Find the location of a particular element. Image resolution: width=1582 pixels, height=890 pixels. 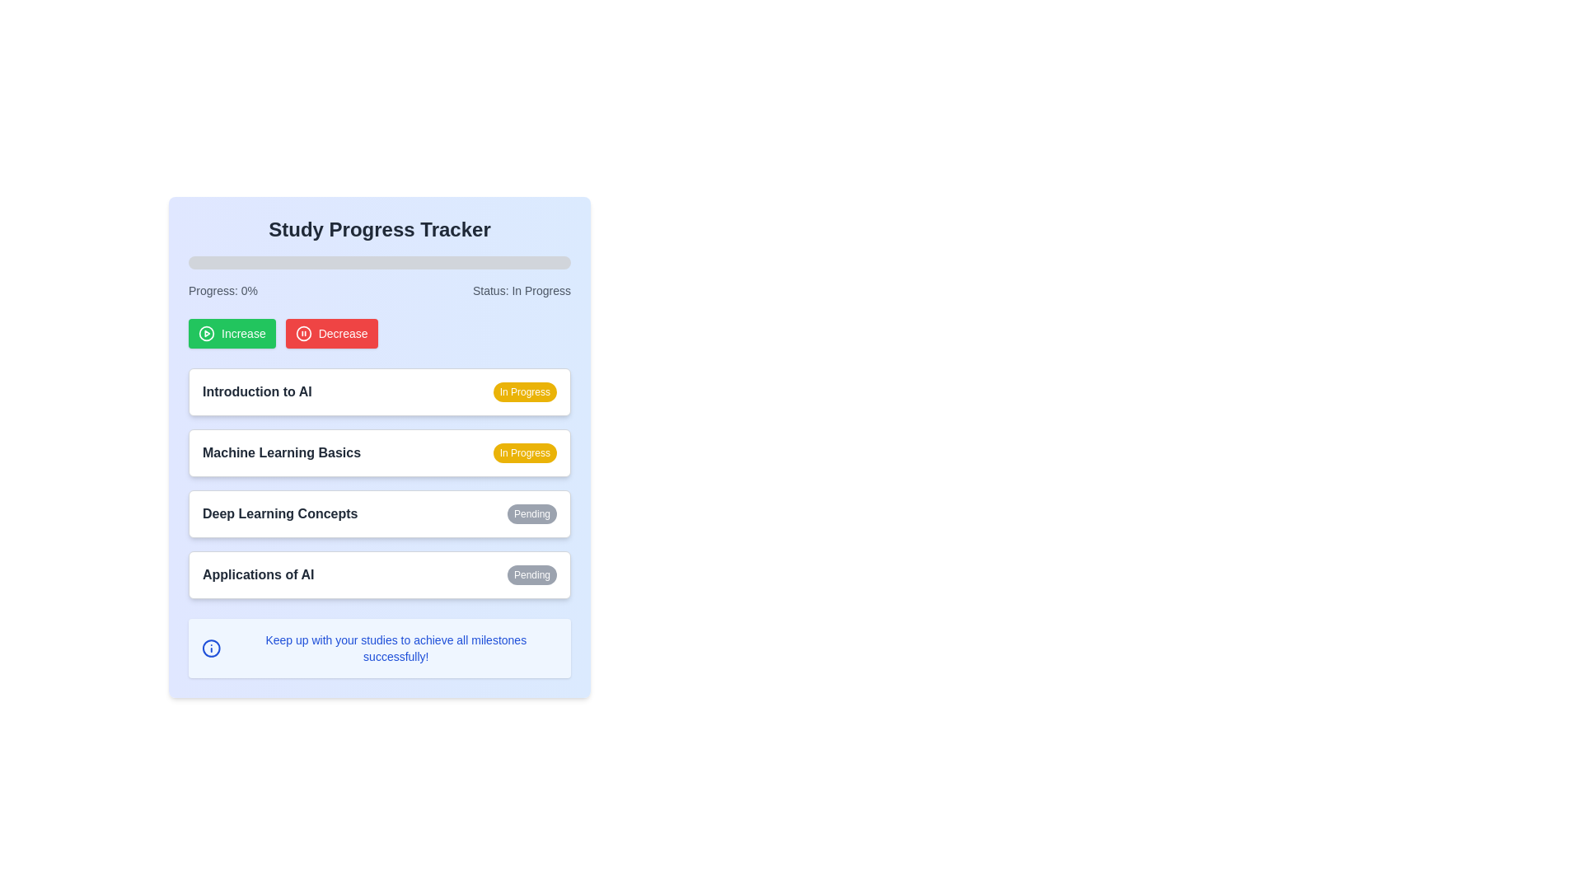

the 'Decrease' button located below the 'Study Progress Tracker' heading and focus on it using keyboard navigation is located at coordinates (330, 334).